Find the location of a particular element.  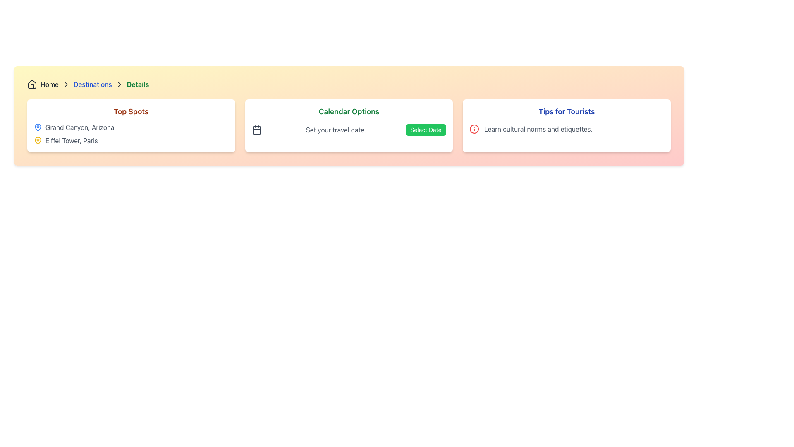

the calendar icon located in the 'Calendar Options' section, which has a dark gray stroke and is positioned to the left of the text 'Set your travel date.' is located at coordinates (256, 130).